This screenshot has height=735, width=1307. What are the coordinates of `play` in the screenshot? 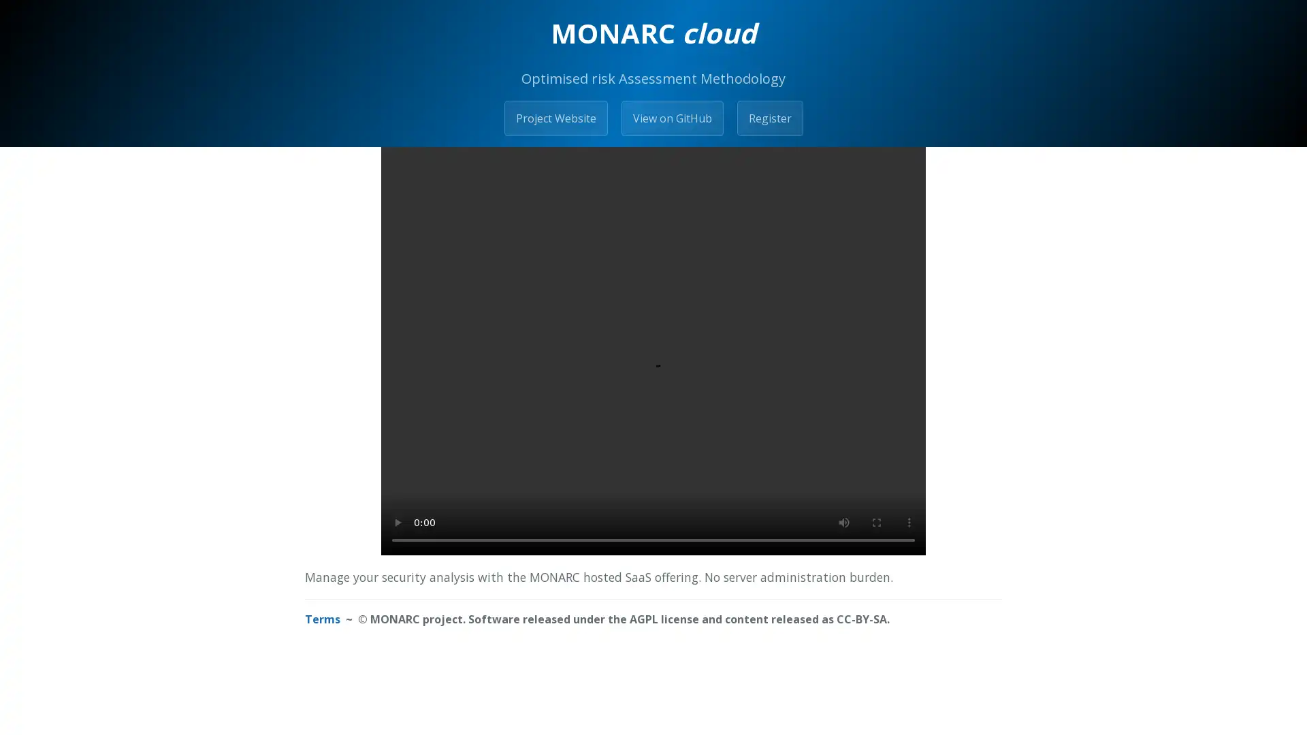 It's located at (397, 521).